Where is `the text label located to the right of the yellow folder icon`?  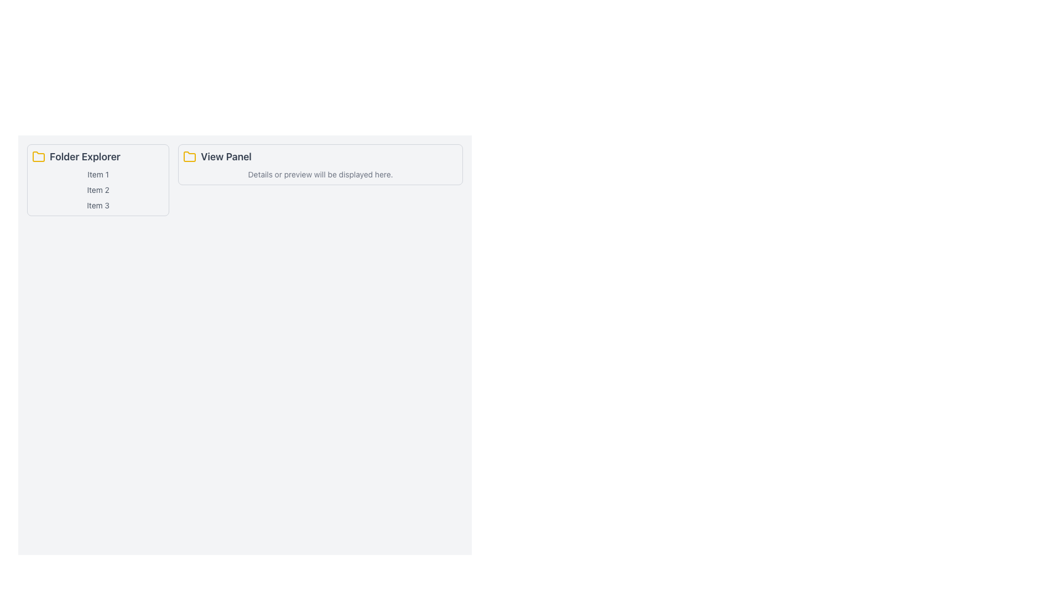 the text label located to the right of the yellow folder icon is located at coordinates (84, 157).